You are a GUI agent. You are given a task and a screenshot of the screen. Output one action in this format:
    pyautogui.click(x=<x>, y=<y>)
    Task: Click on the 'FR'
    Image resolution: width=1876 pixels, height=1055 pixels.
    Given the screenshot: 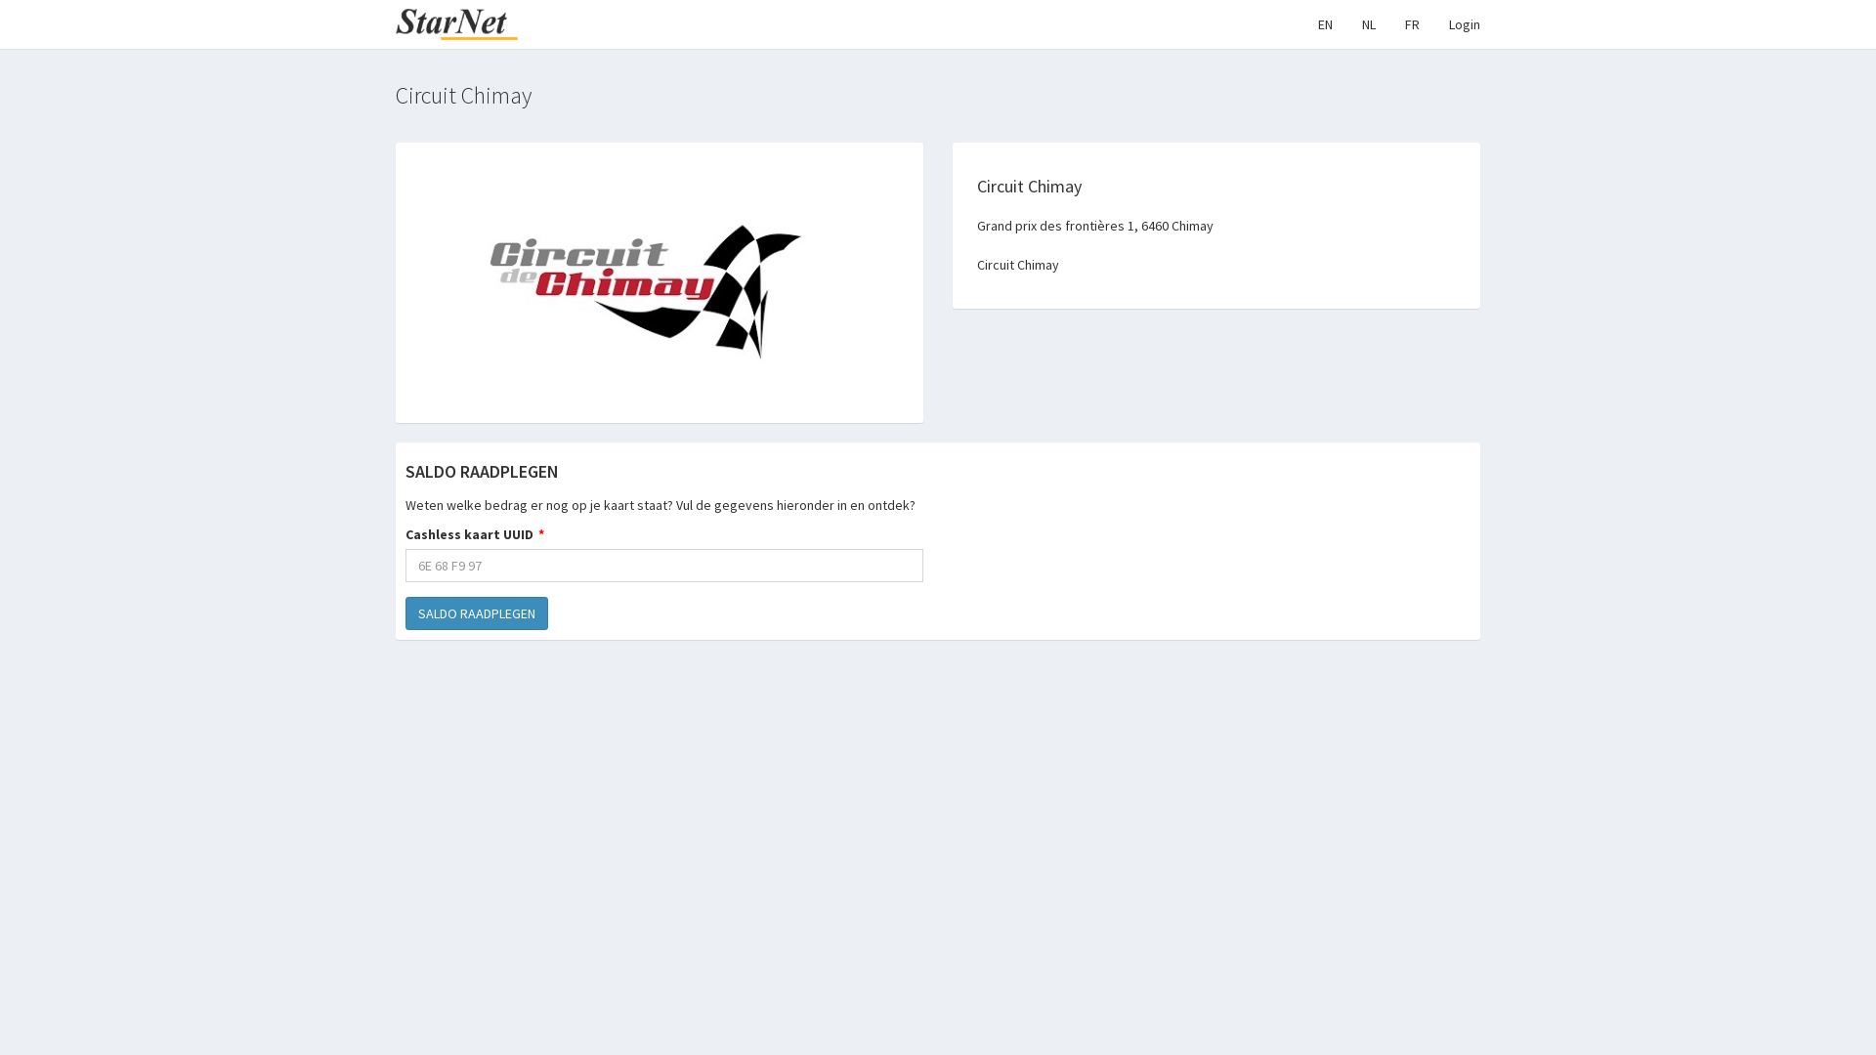 What is the action you would take?
    pyautogui.click(x=1388, y=23)
    